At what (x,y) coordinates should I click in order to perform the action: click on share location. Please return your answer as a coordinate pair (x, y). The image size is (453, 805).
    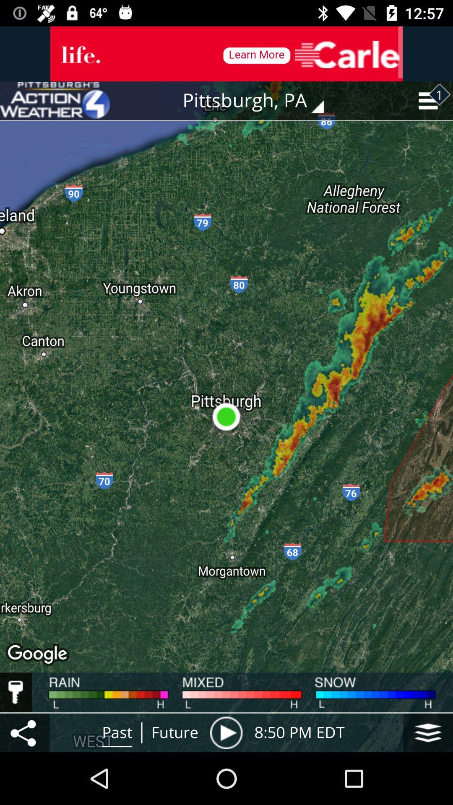
    Looking at the image, I should click on (24, 732).